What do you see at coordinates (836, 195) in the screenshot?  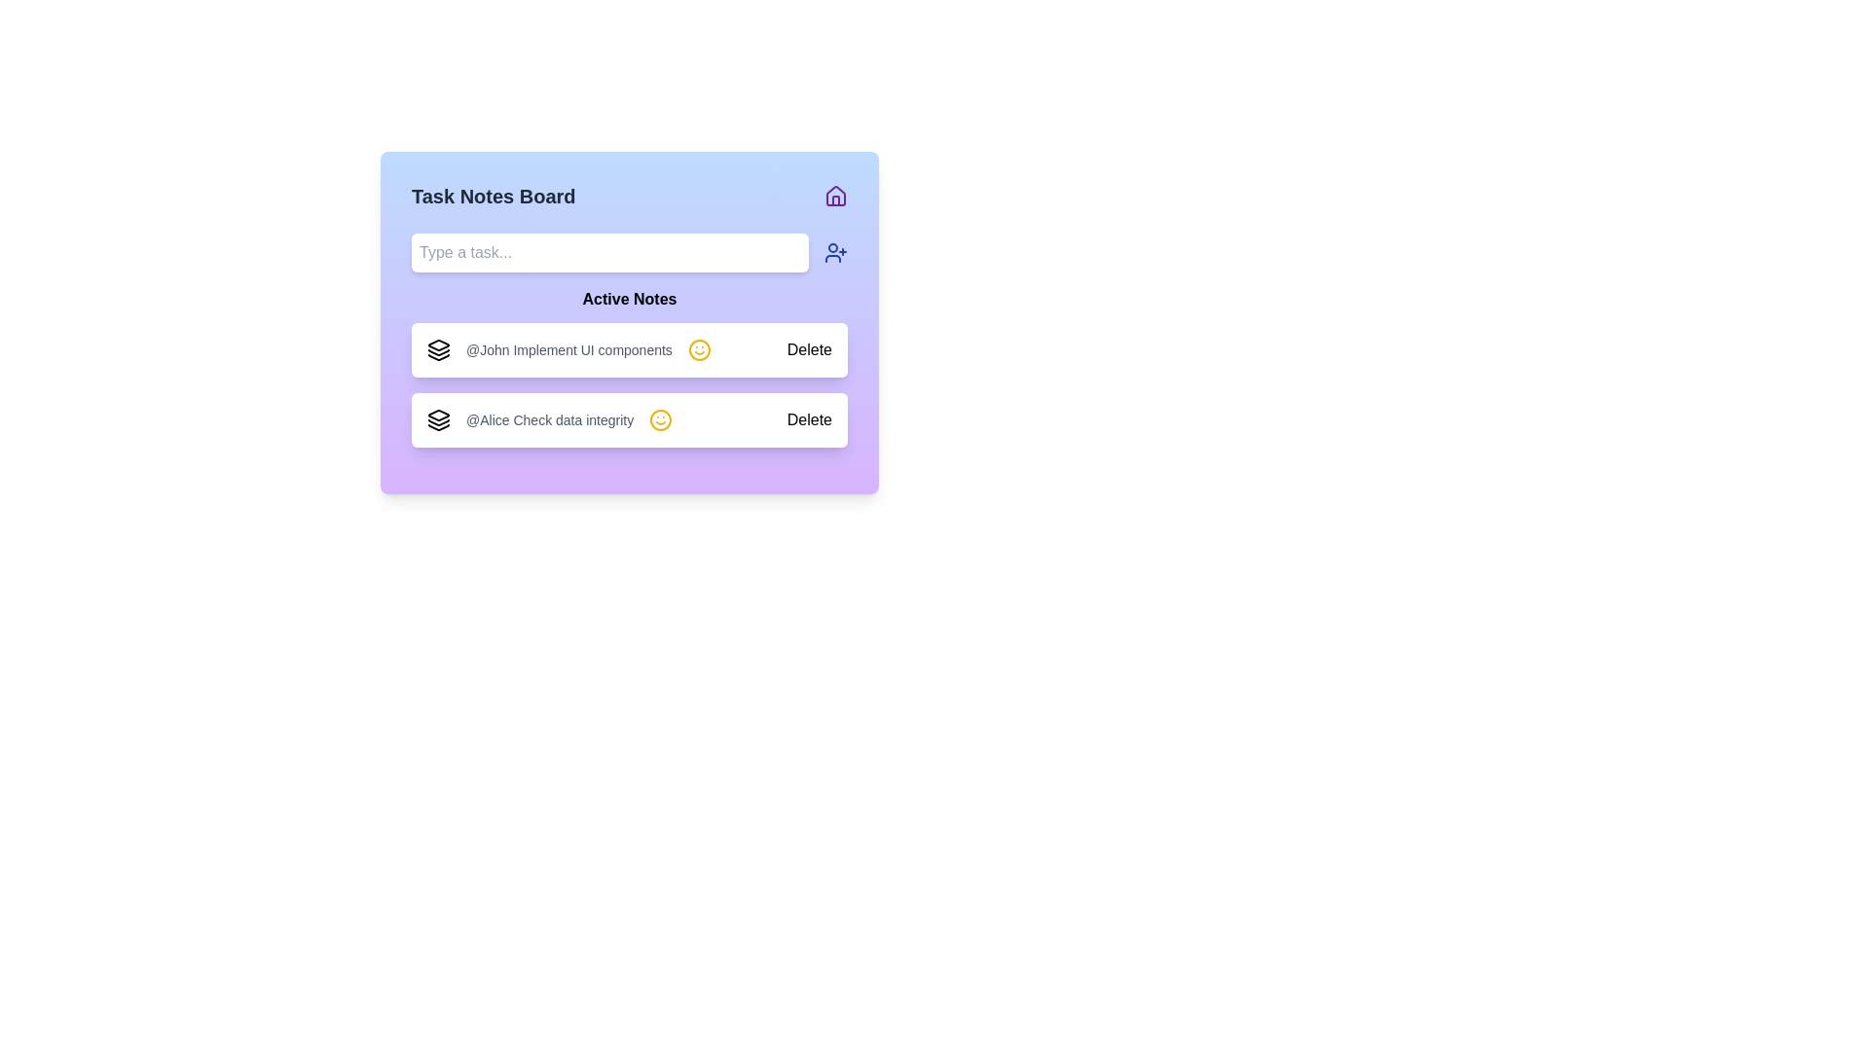 I see `the house-shaped icon graphic located at the top-right corner of the interface panel, which represents a home button` at bounding box center [836, 195].